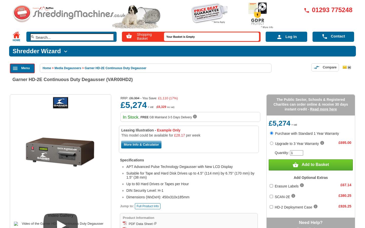 This screenshot has height=228, width=365. I want to click on 'PDF Data Sheet', so click(126, 224).